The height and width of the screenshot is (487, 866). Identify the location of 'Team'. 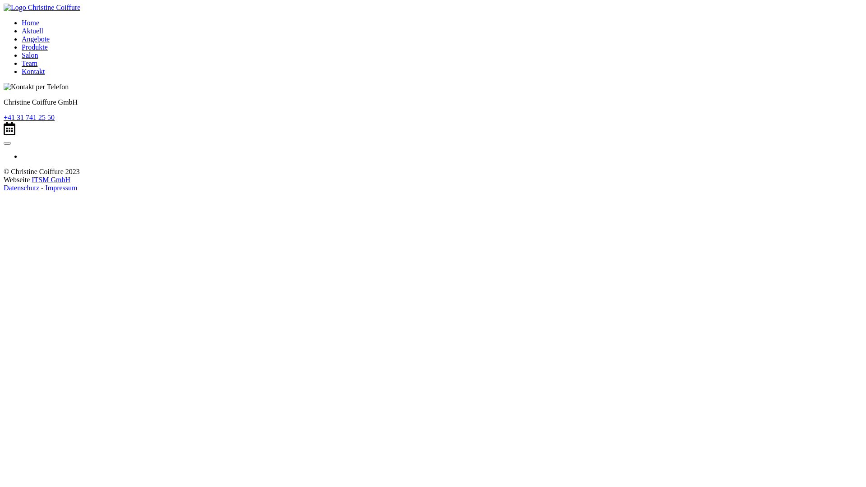
(29, 63).